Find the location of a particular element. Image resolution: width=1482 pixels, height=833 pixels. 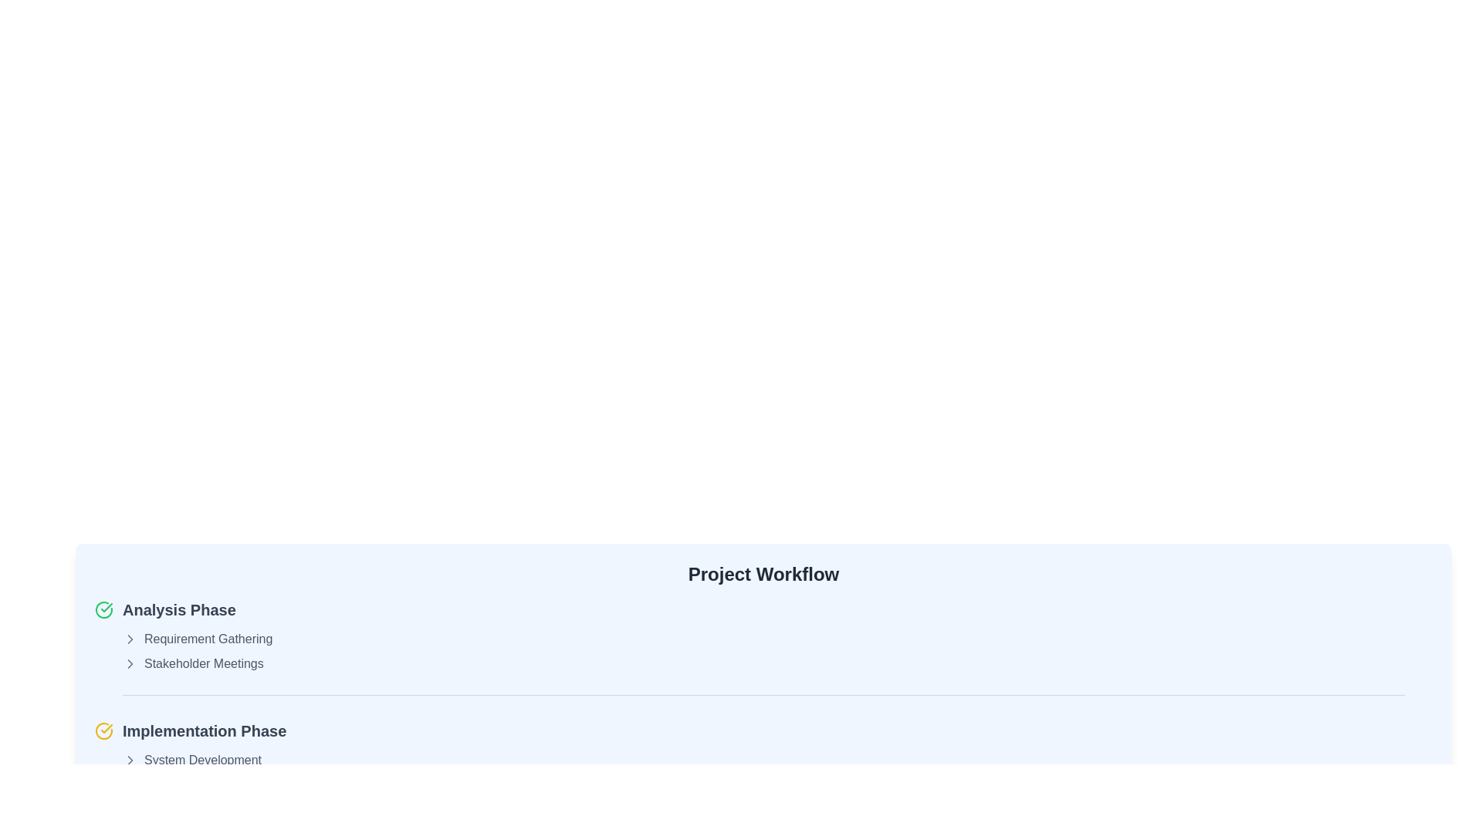

the circular icon with a green checkmark inside it, located at the leftmost side of the 'Analysis Phase' section is located at coordinates (103, 609).